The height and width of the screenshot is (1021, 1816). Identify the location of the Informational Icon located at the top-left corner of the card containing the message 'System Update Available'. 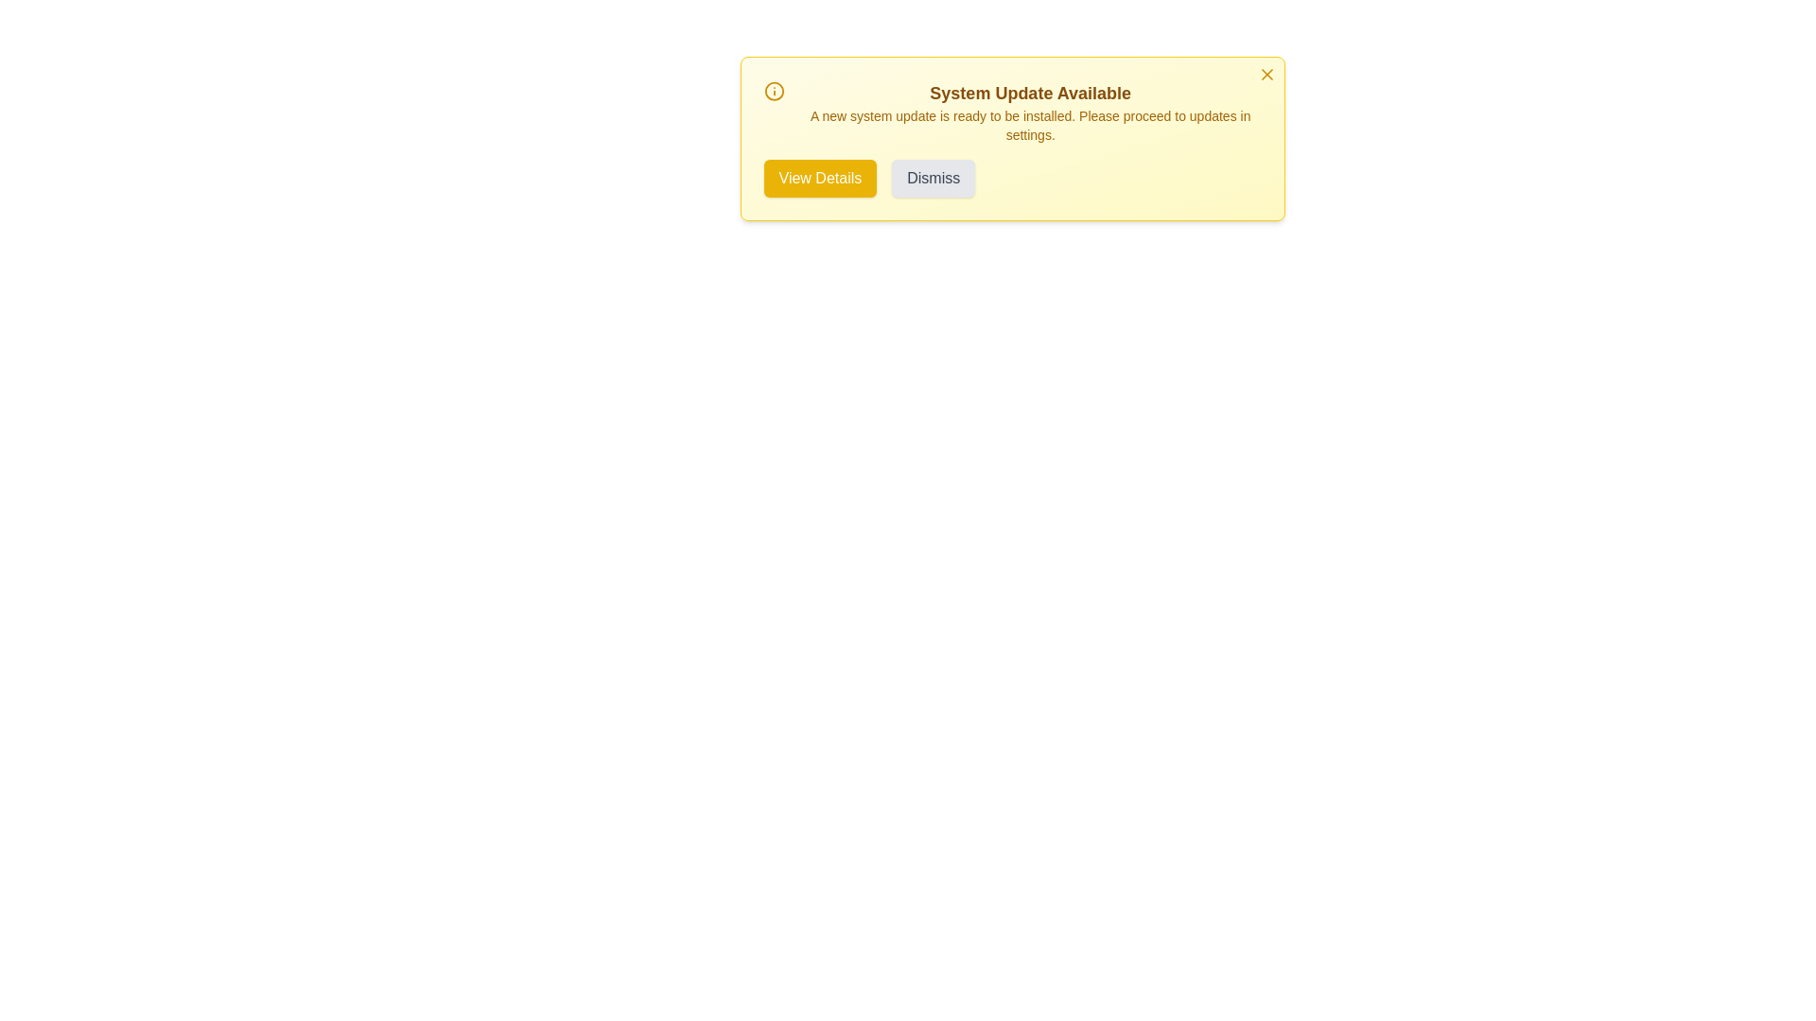
(774, 91).